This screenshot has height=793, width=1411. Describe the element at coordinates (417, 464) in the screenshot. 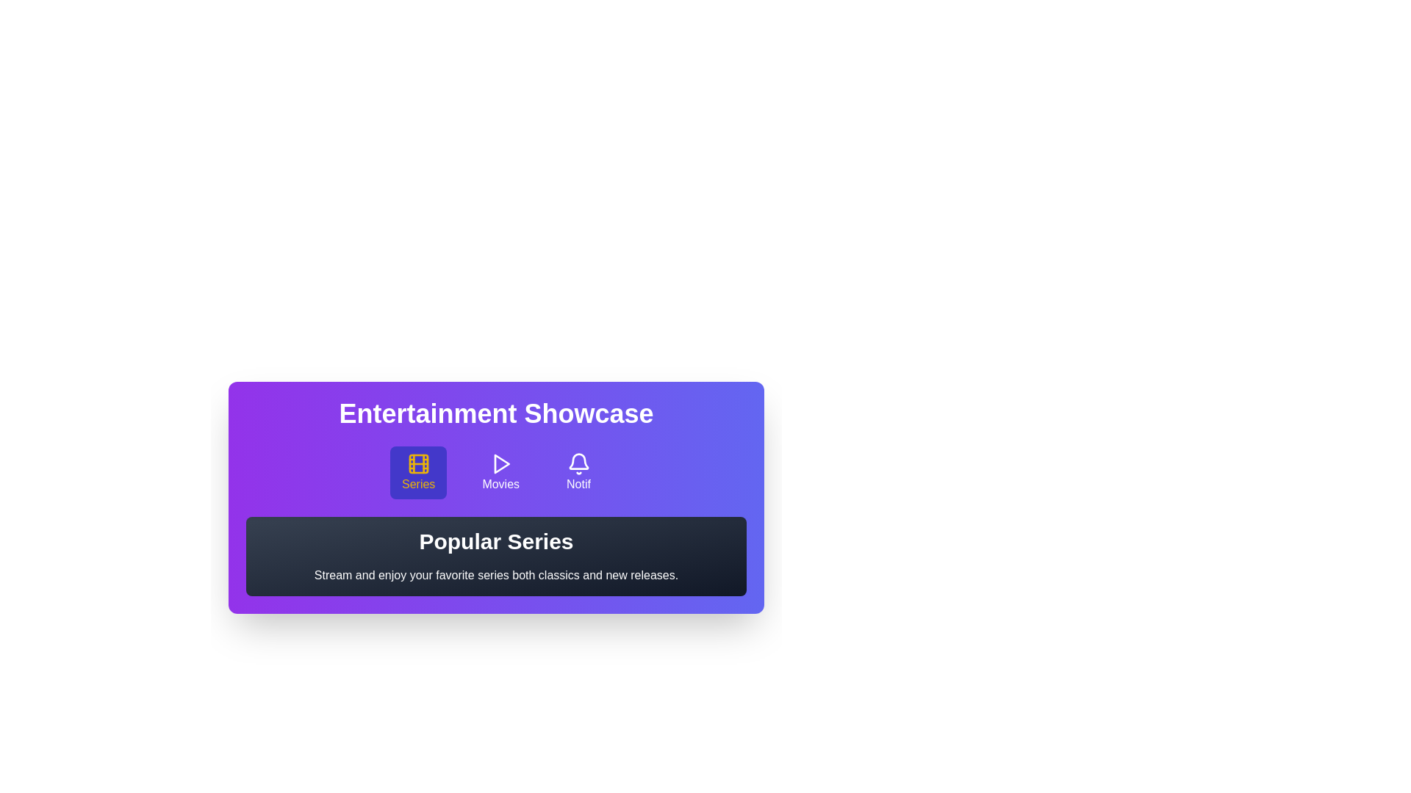

I see `the yellow film strip icon located on a purple rectangle background, which is the first icon in the row under the 'Series' label` at that location.